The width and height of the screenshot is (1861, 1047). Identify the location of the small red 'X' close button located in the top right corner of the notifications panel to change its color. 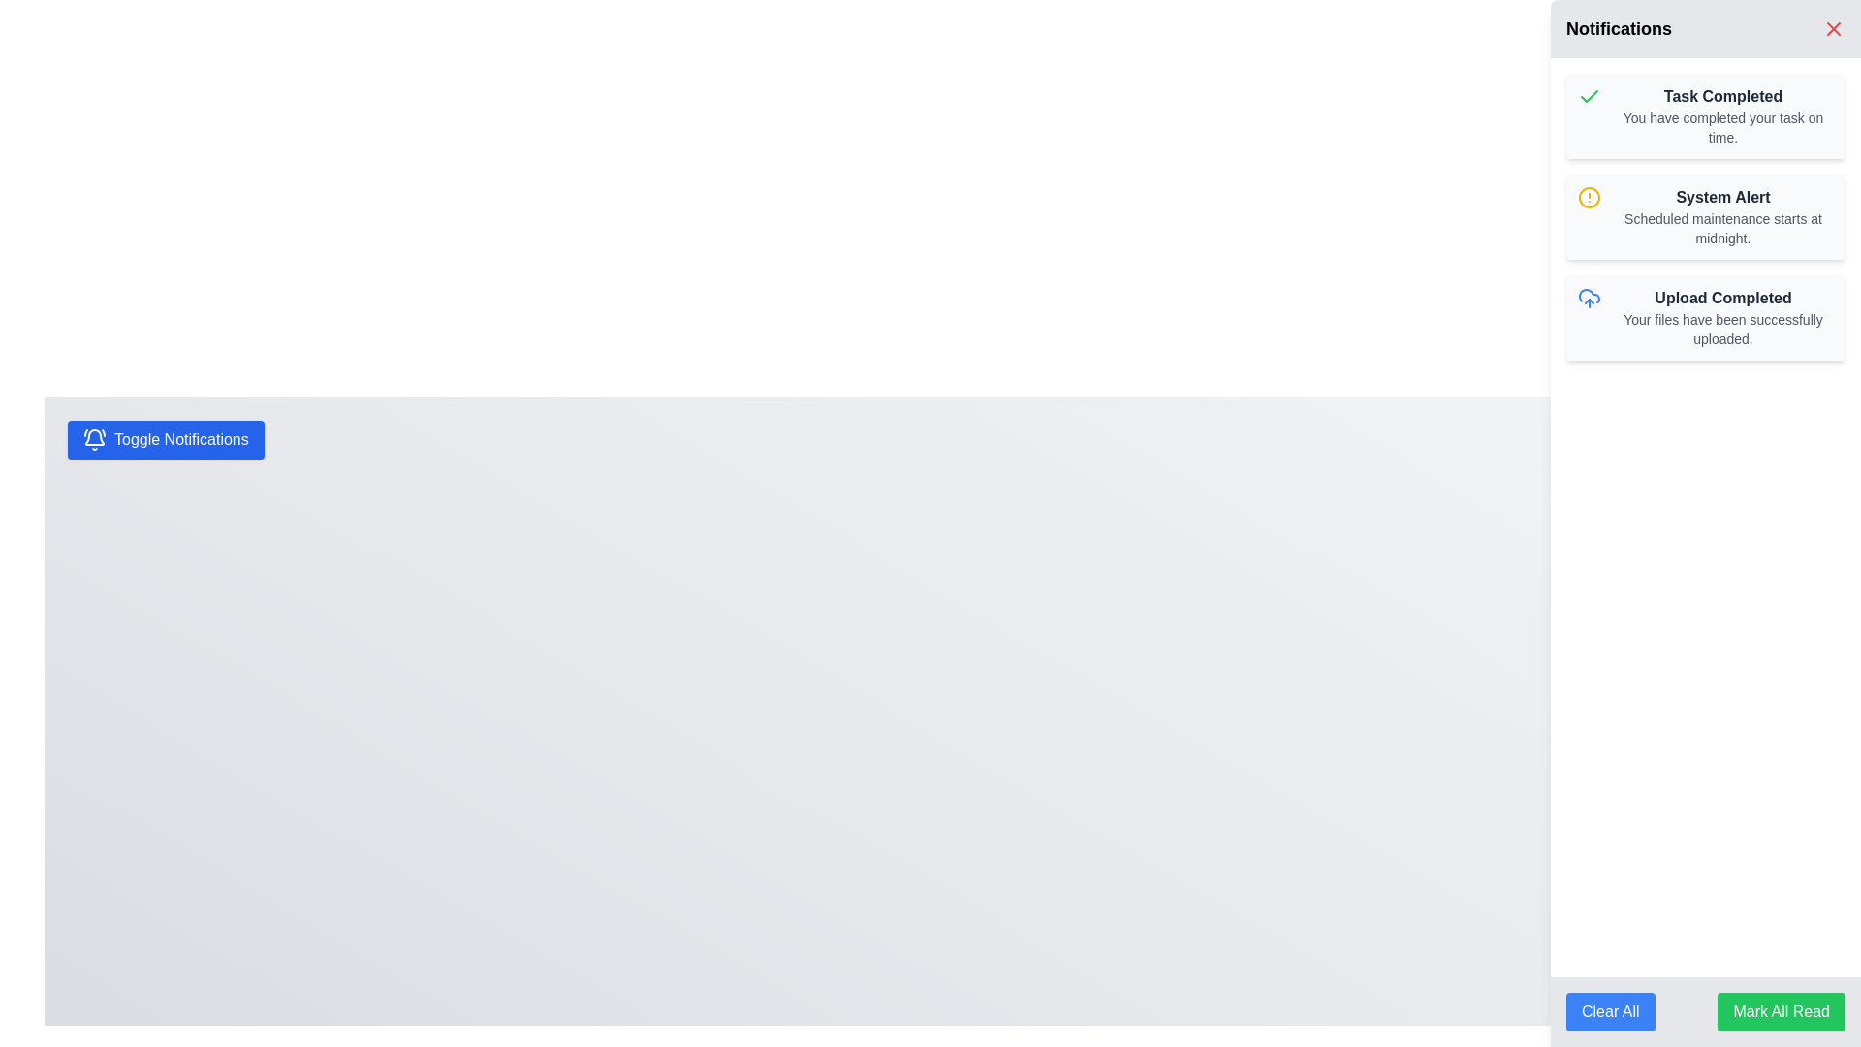
(1832, 29).